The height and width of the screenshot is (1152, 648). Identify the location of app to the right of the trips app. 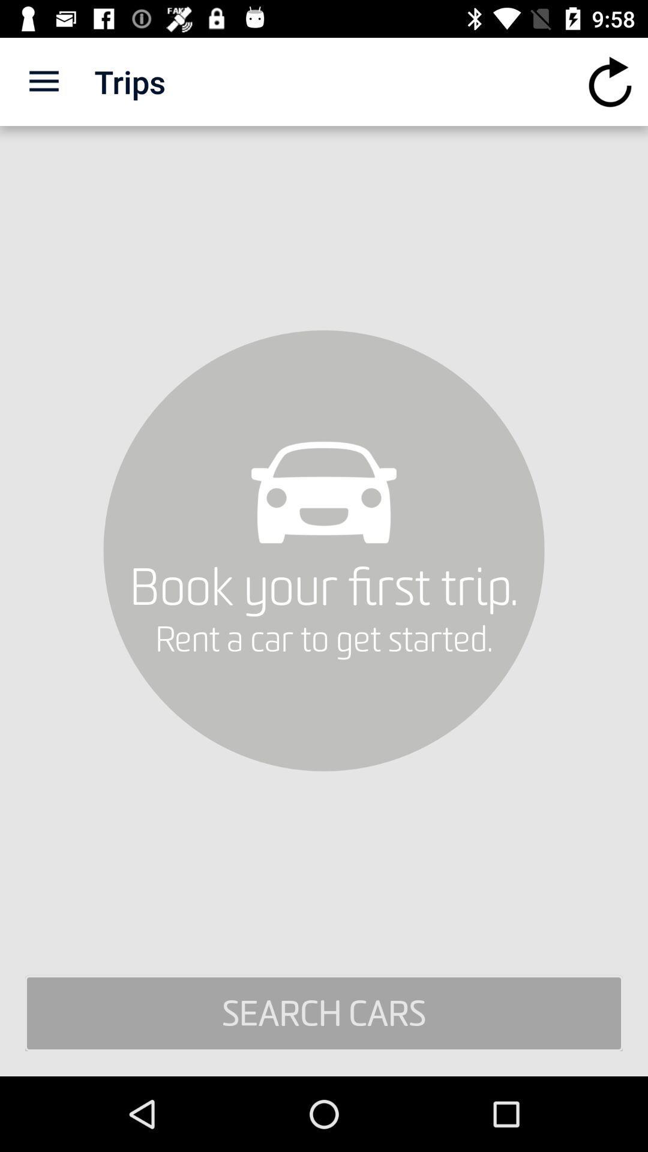
(610, 81).